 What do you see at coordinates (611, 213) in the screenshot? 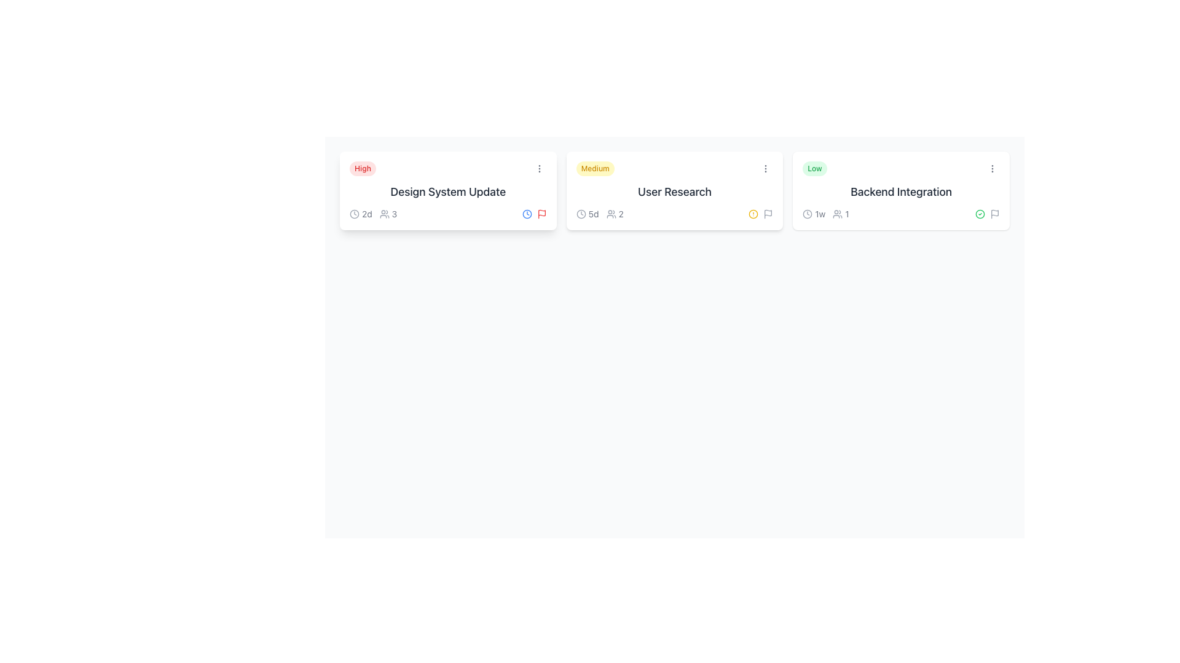
I see `the user icon representing two stylized human figures located in the User Research section, below the time indicator (5d) and adjacent to the numeric text '2'` at bounding box center [611, 213].